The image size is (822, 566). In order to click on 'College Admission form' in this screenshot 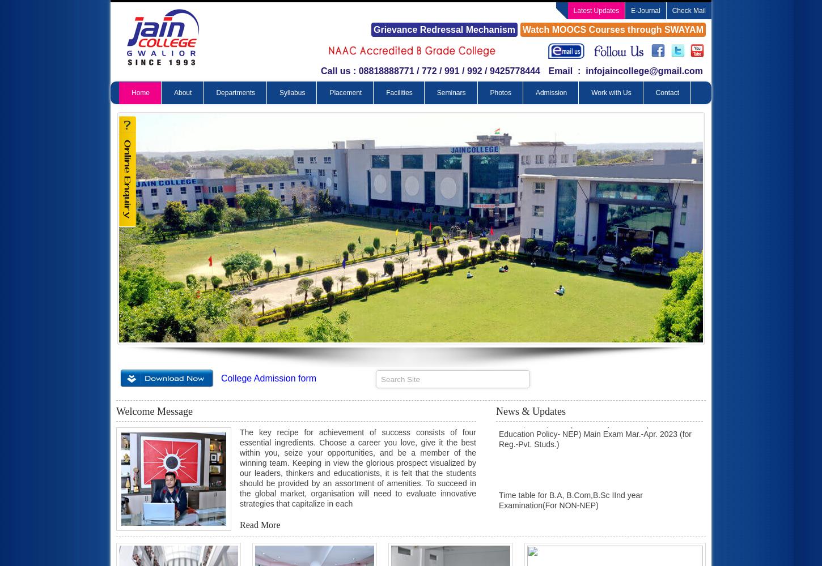, I will do `click(268, 378)`.